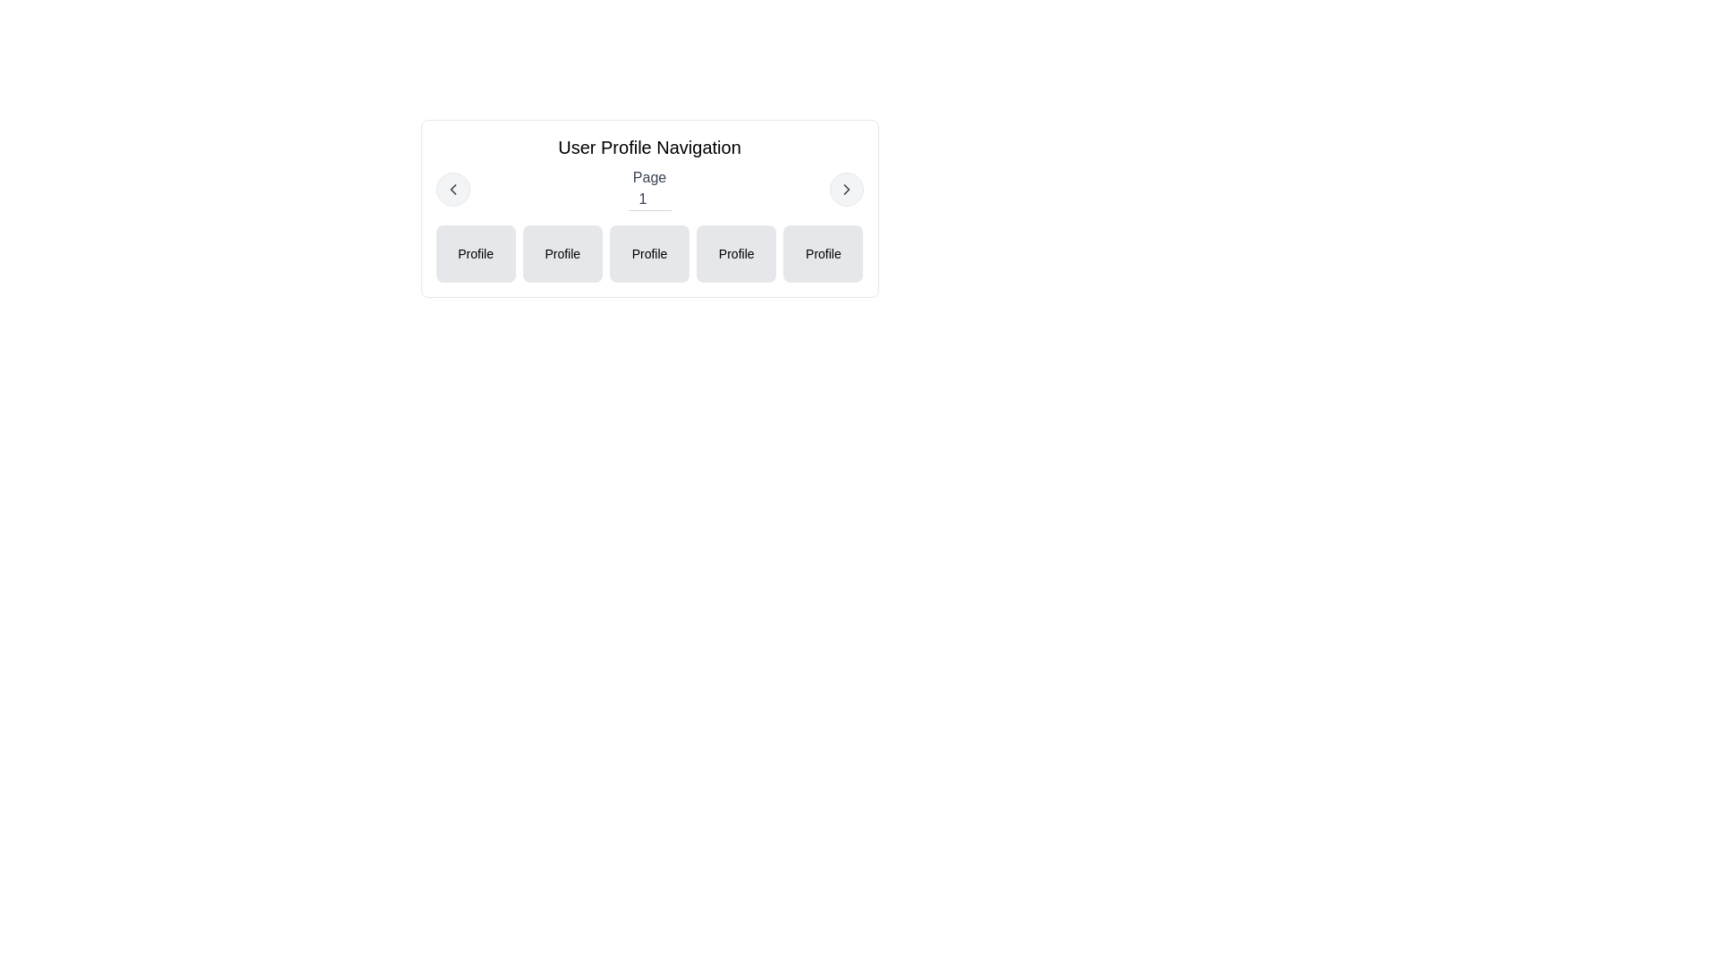 This screenshot has height=966, width=1717. What do you see at coordinates (648, 254) in the screenshot?
I see `the third button in the User Profile Navigation section, which indicates the current selection or inactive state` at bounding box center [648, 254].